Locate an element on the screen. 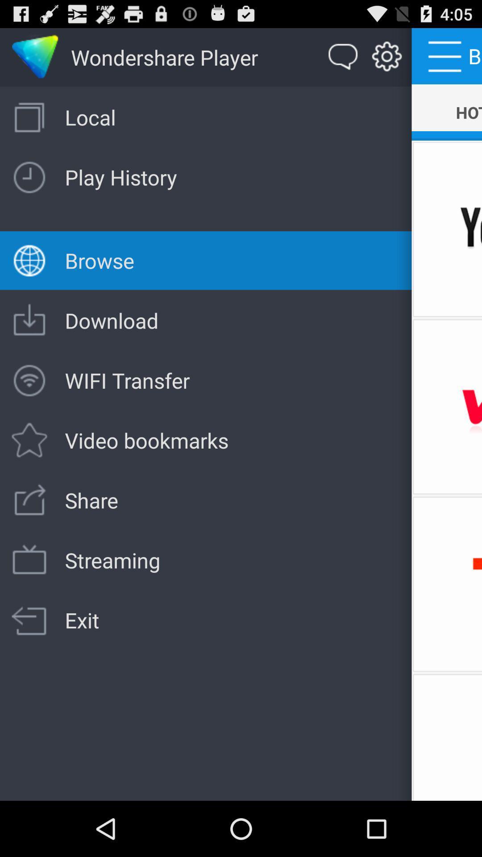  the button below play history is located at coordinates (29, 560).